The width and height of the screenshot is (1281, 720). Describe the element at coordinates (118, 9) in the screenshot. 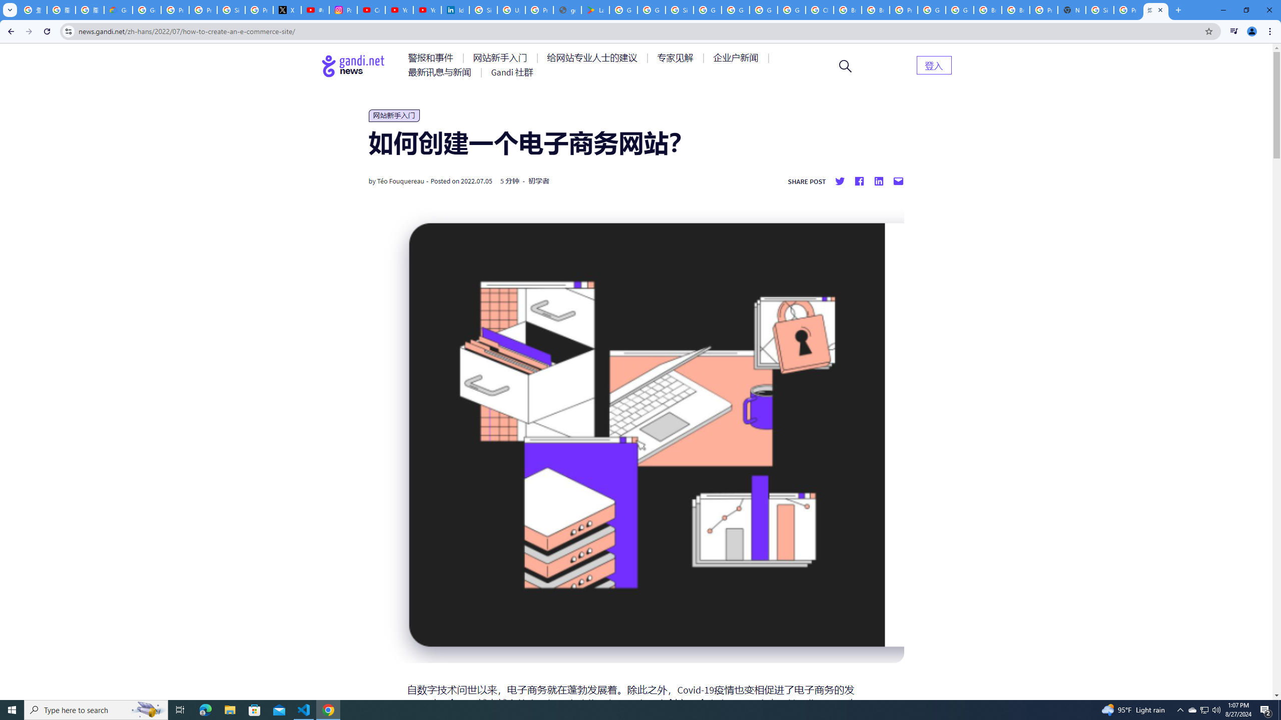

I see `'Google Cloud Privacy Notice'` at that location.